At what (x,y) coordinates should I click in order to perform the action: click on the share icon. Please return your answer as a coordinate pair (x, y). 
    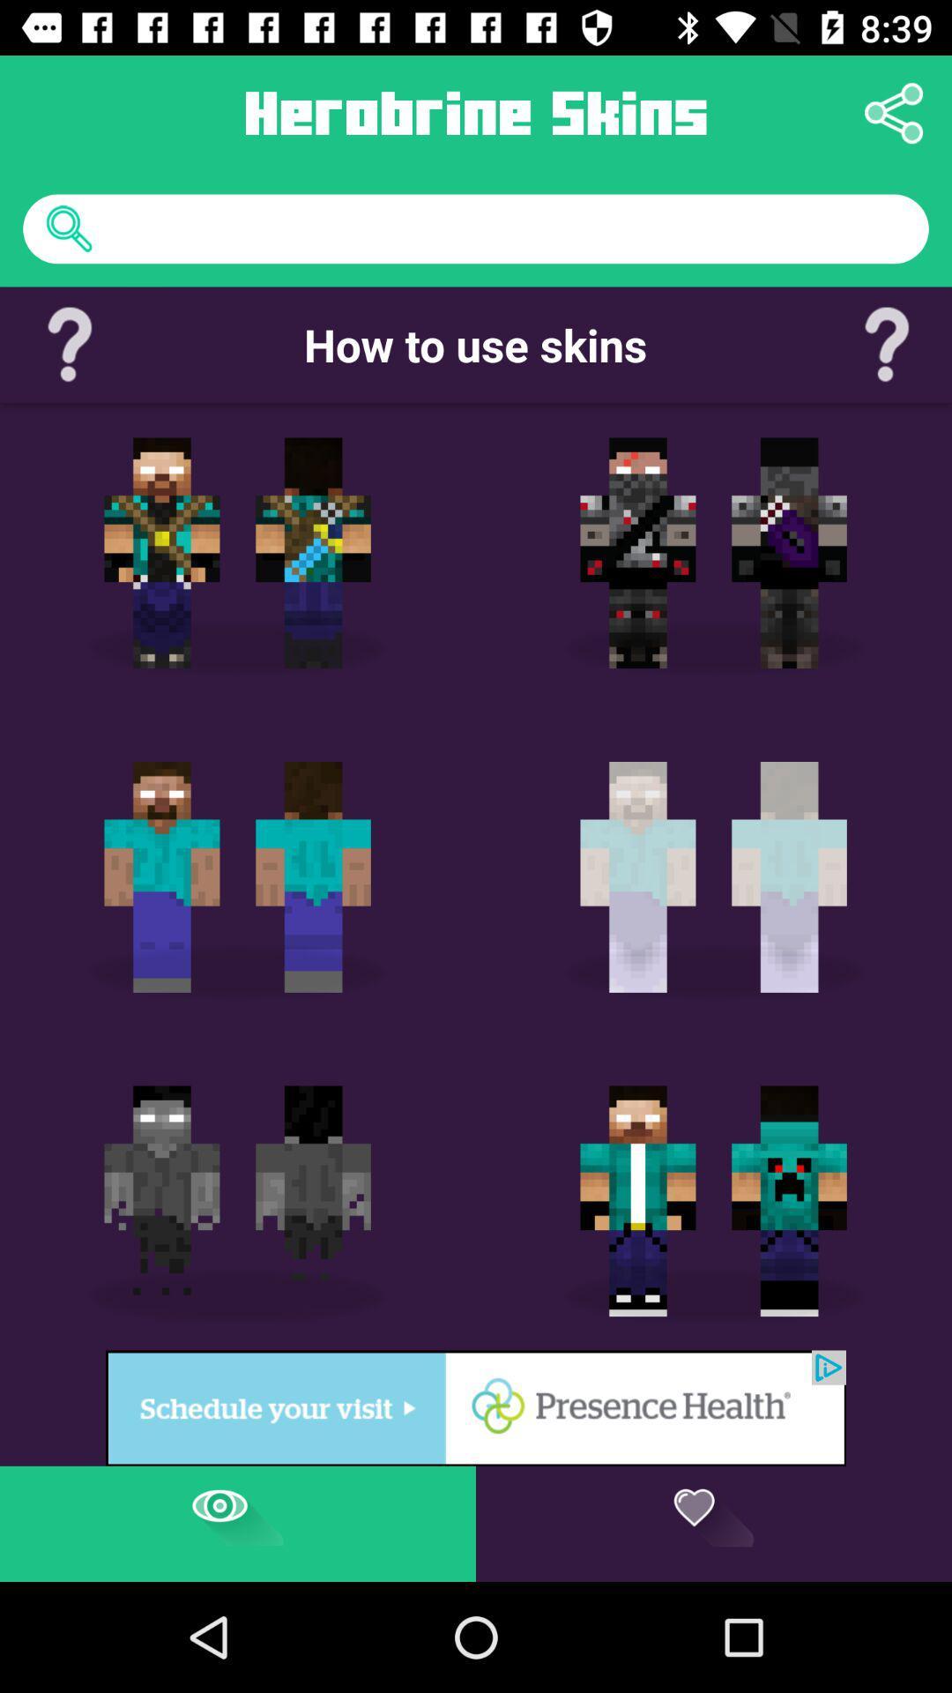
    Looking at the image, I should click on (894, 112).